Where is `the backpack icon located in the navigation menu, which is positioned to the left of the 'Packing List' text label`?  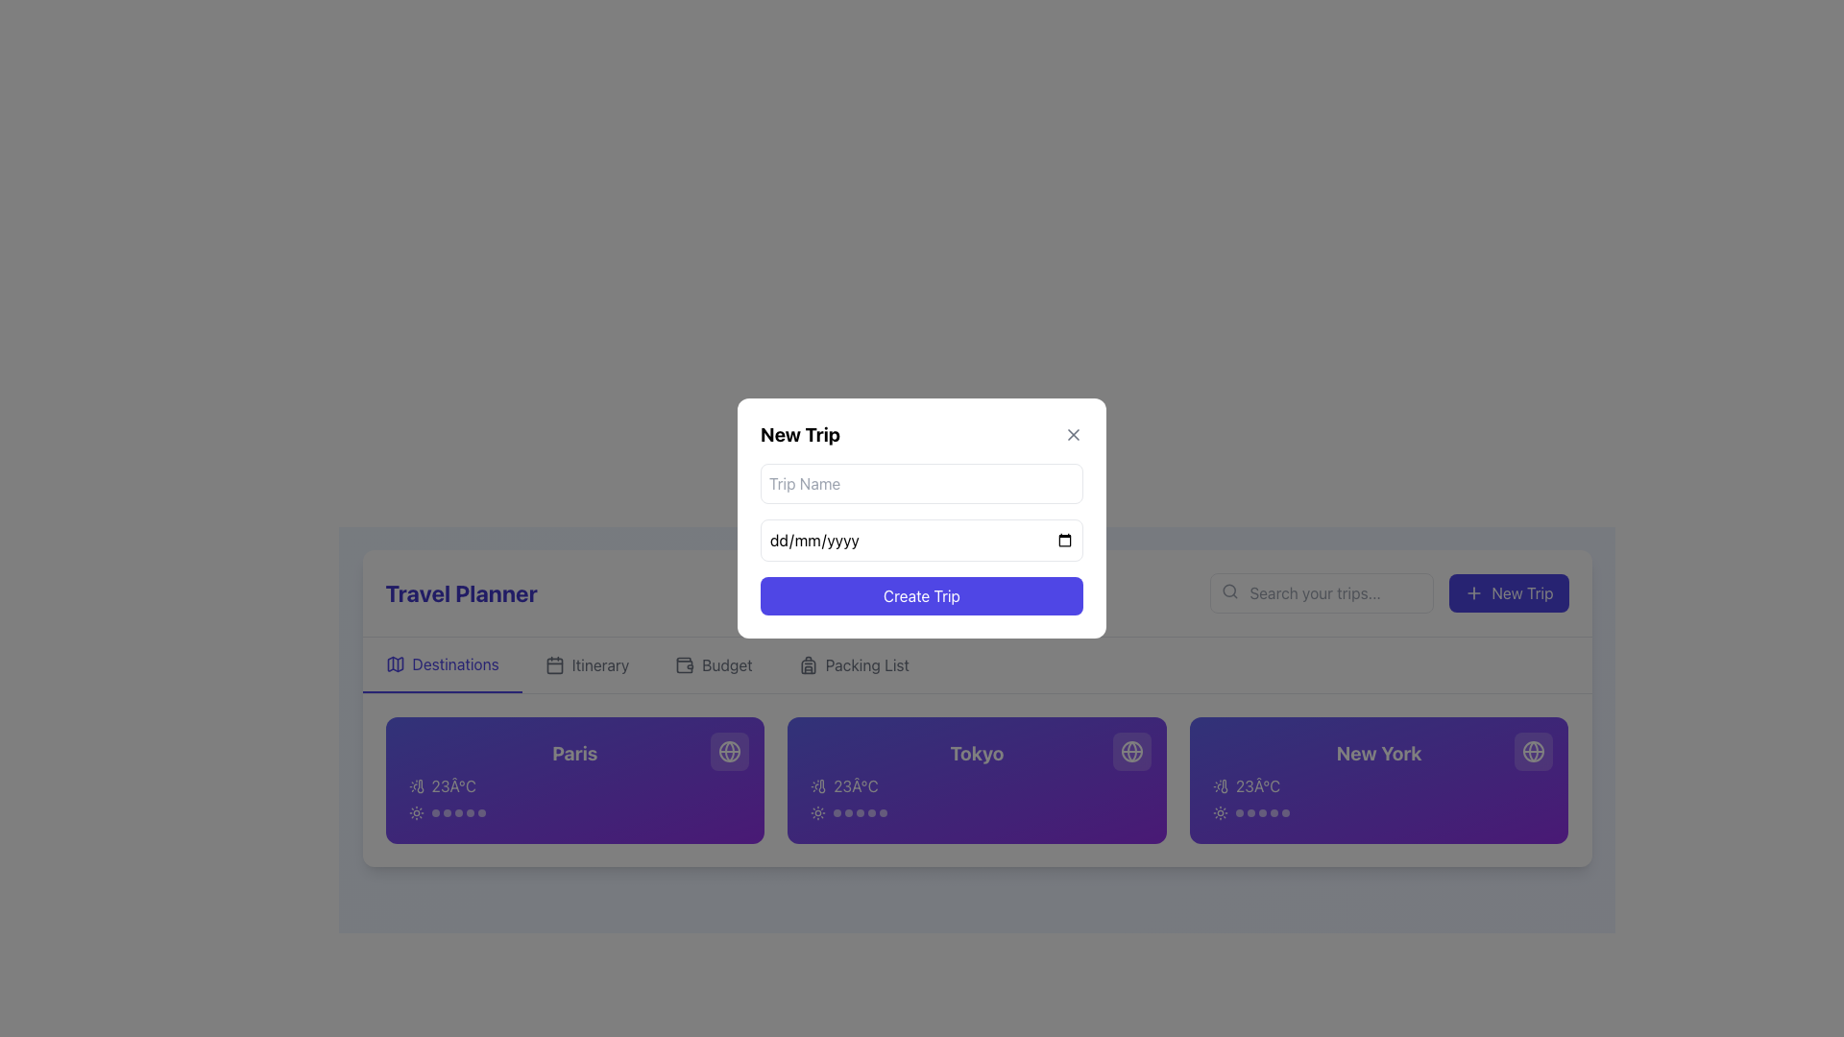
the backpack icon located in the navigation menu, which is positioned to the left of the 'Packing List' text label is located at coordinates (808, 664).